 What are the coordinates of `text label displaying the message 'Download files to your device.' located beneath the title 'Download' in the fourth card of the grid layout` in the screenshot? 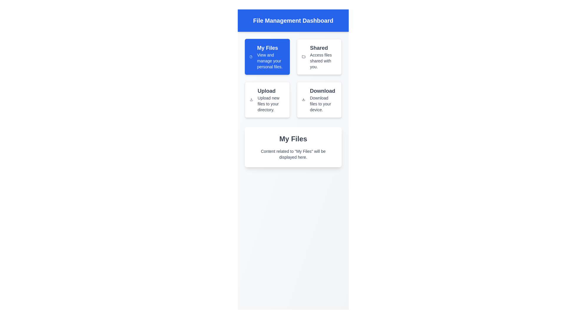 It's located at (323, 104).